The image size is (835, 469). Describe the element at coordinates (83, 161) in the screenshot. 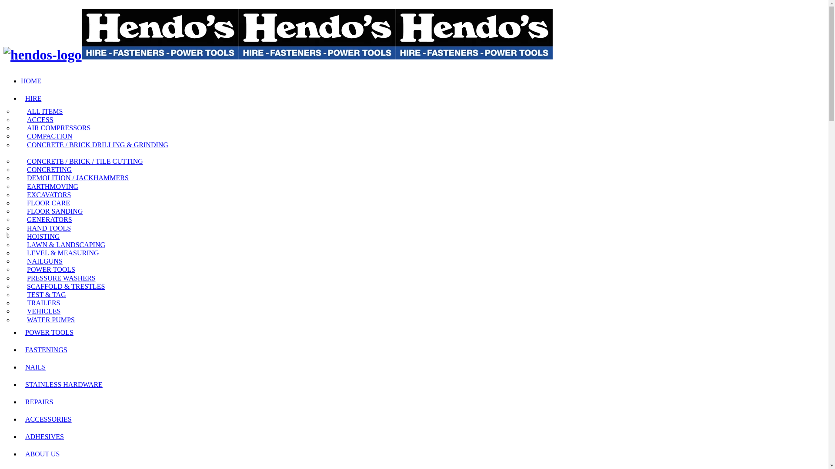

I see `'CONCRETE / BRICK / TILE CUTTING'` at that location.